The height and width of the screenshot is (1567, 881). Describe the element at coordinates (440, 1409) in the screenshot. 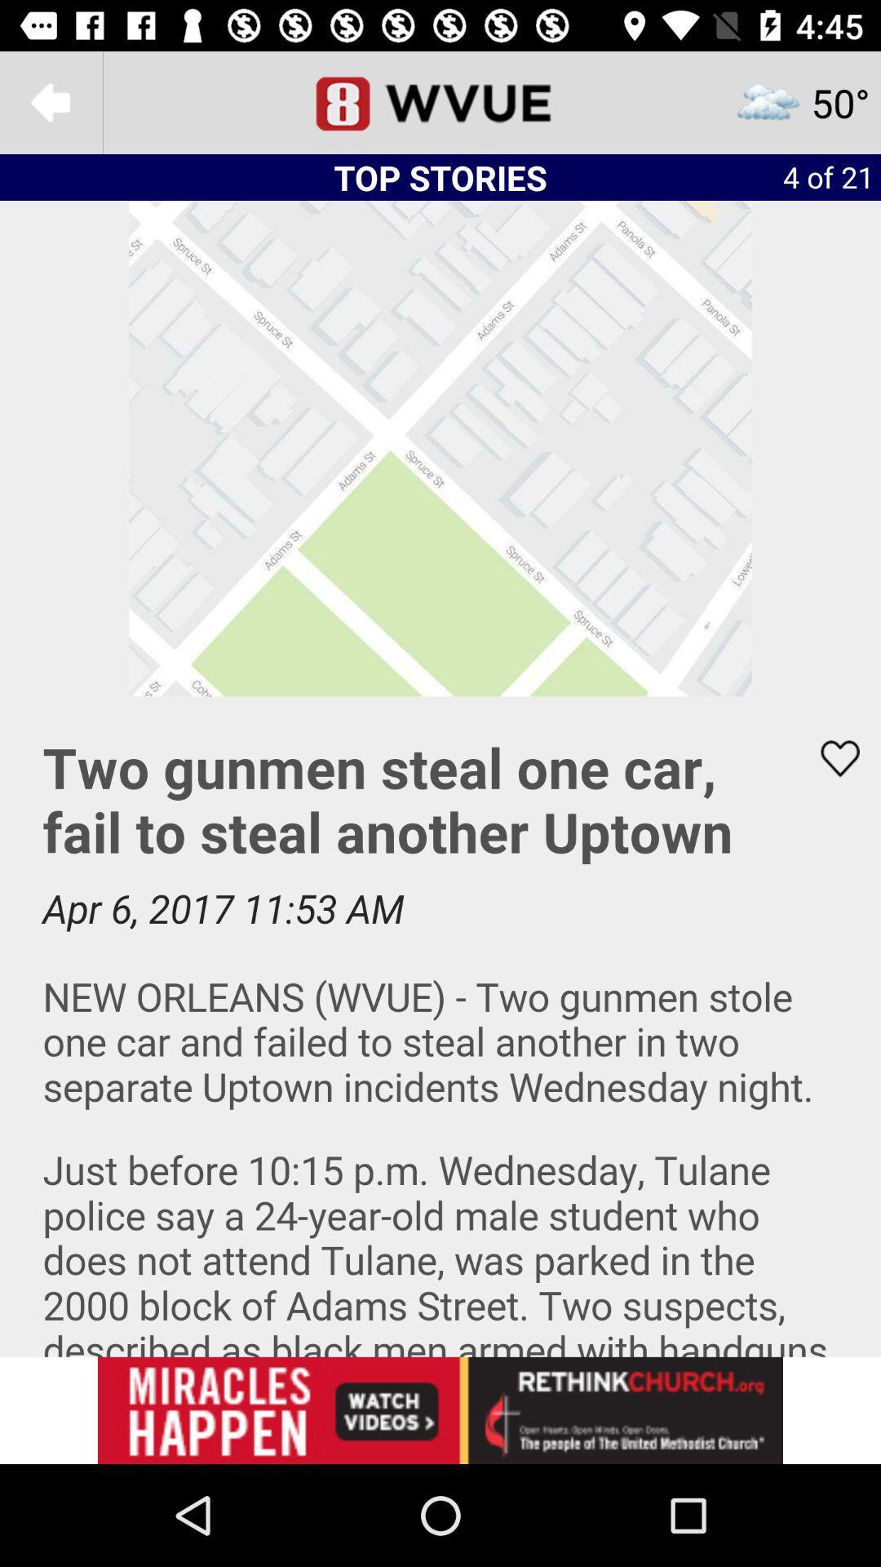

I see `click on advertisement` at that location.